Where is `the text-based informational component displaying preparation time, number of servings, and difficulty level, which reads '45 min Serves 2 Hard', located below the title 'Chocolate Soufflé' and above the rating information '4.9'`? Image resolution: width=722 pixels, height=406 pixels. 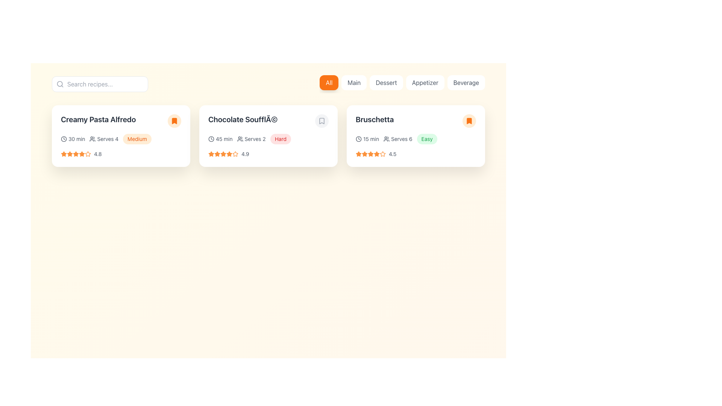
the text-based informational component displaying preparation time, number of servings, and difficulty level, which reads '45 min Serves 2 Hard', located below the title 'Chocolate Soufflé' and above the rating information '4.9' is located at coordinates (268, 139).